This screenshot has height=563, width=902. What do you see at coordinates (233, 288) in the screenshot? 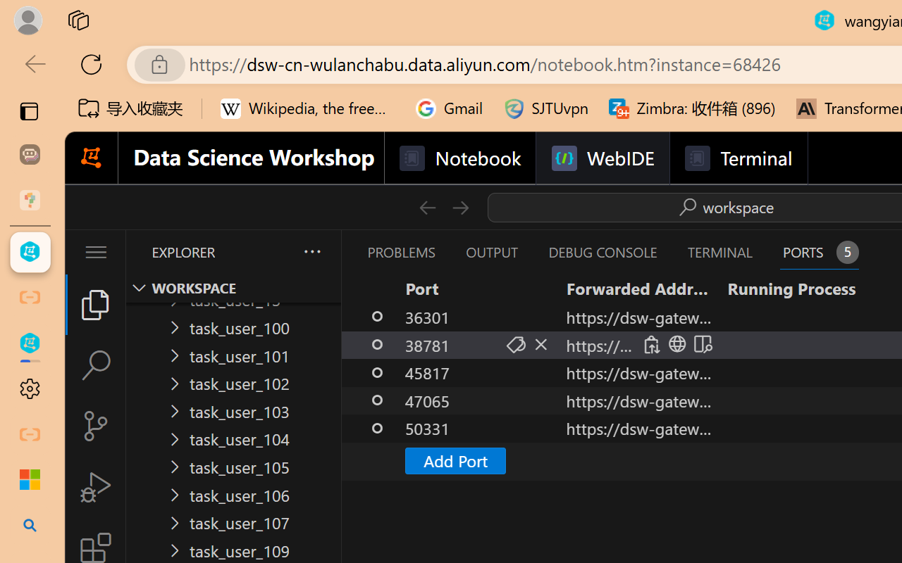
I see `'Explorer Section: workspace'` at bounding box center [233, 288].